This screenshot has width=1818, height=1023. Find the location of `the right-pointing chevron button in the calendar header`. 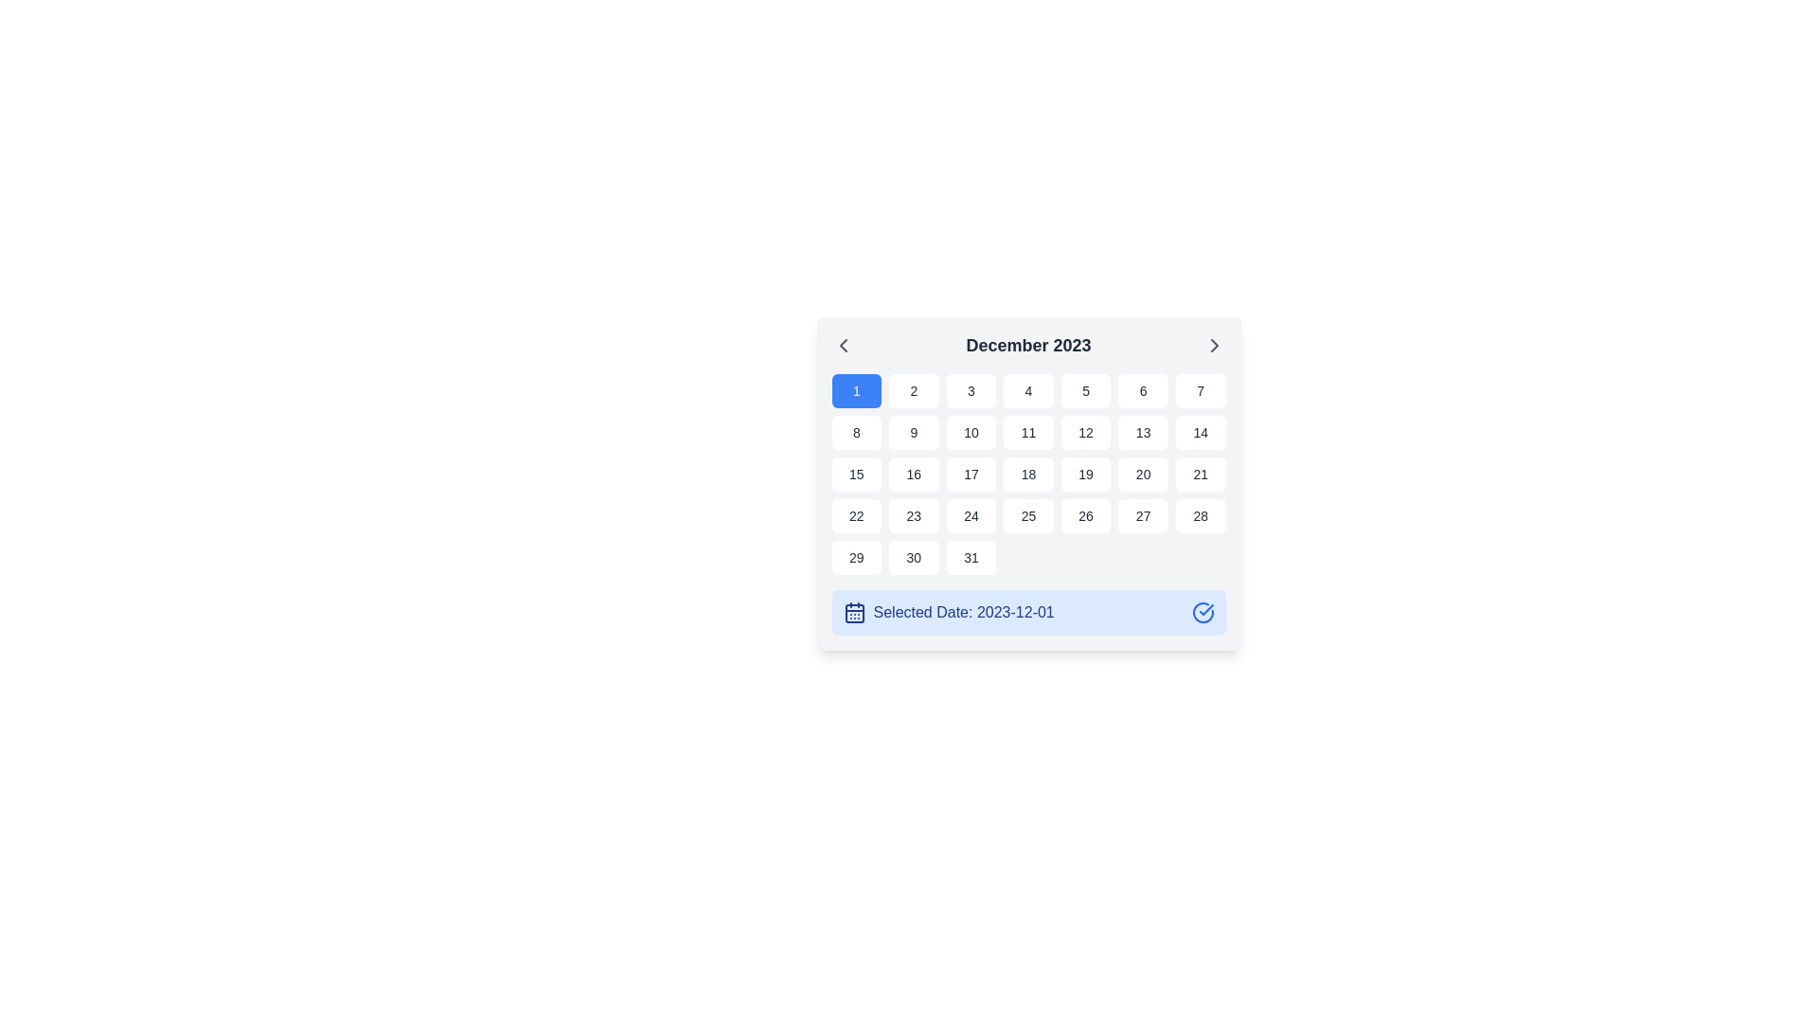

the right-pointing chevron button in the calendar header is located at coordinates (1214, 346).